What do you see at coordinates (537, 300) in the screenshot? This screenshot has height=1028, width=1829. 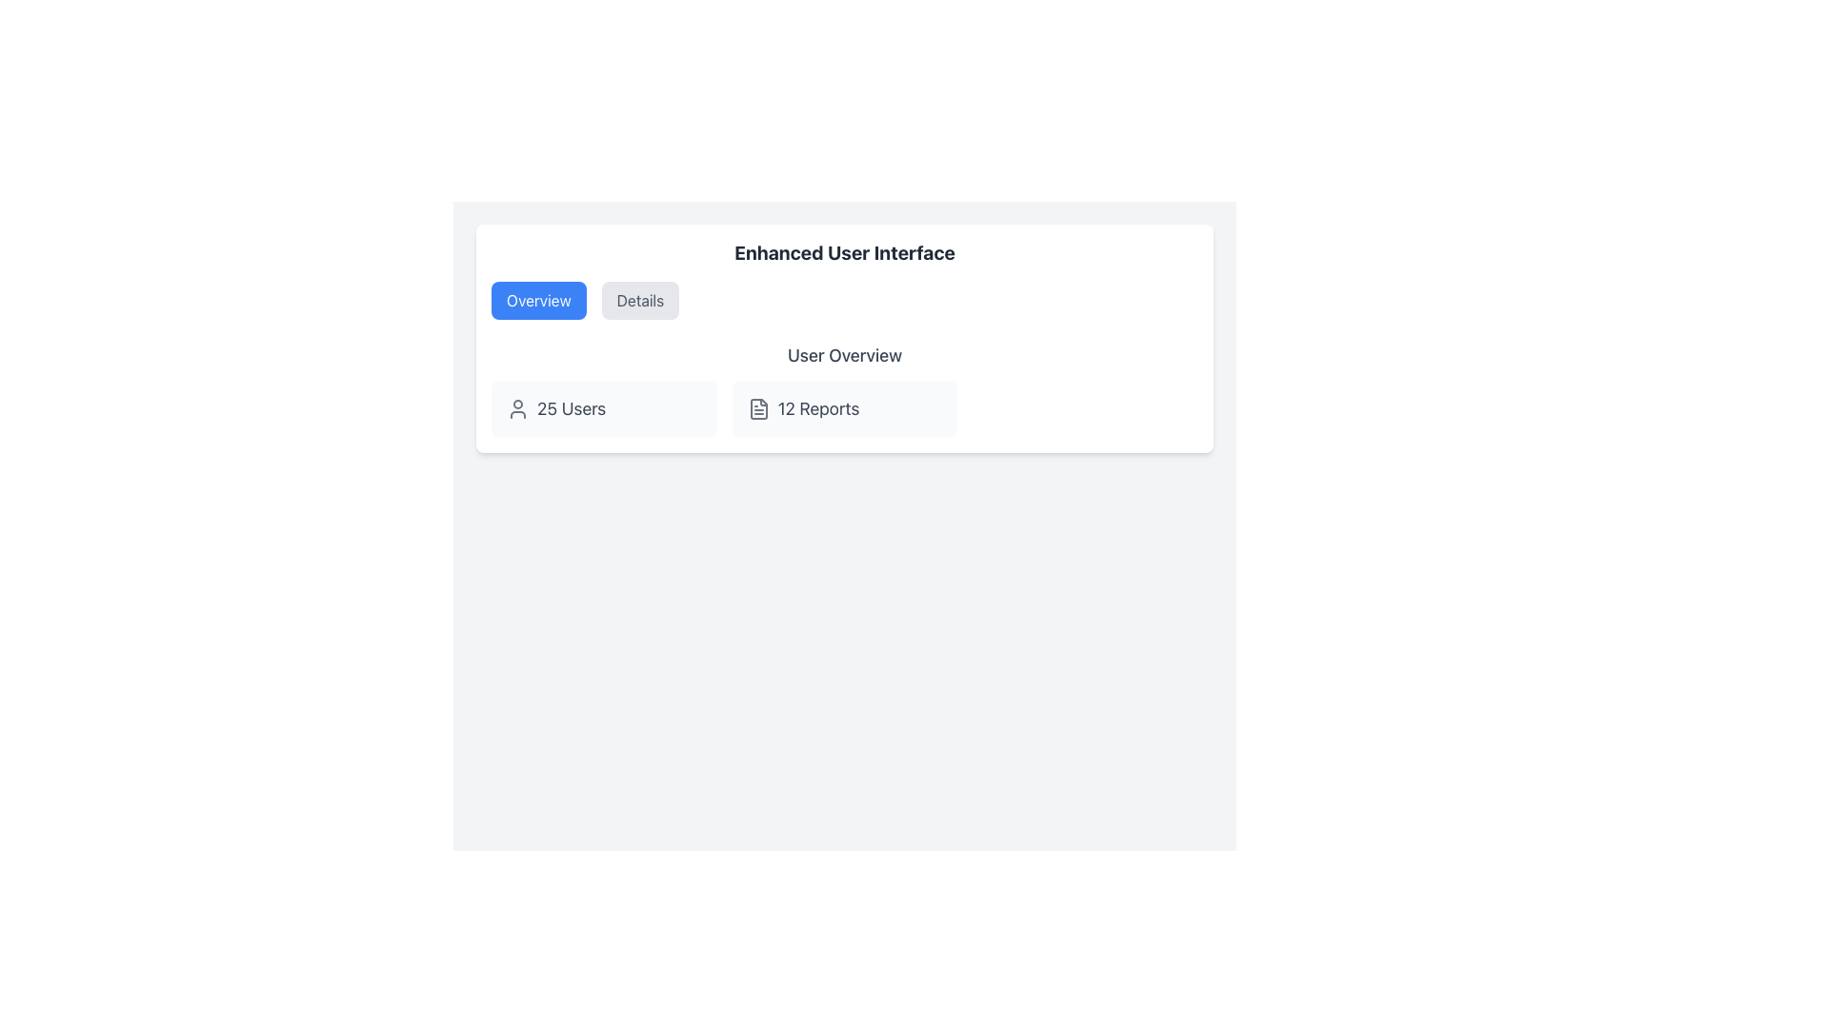 I see `the first button from the left in the navigation bar that toggles or displays content related to 'Overview' for a tooltip` at bounding box center [537, 300].